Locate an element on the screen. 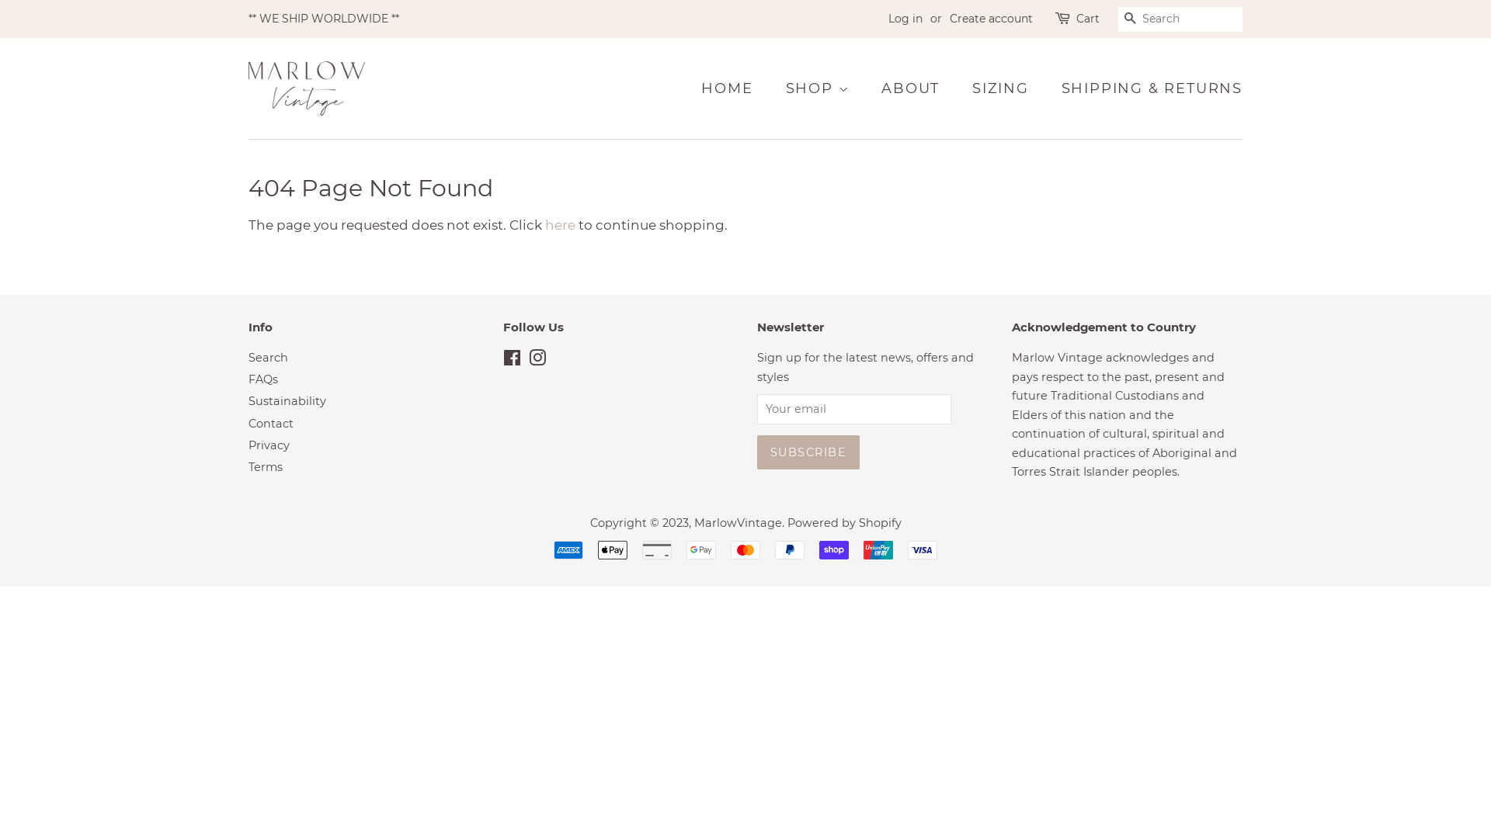 This screenshot has height=838, width=1491. 'Contact' is located at coordinates (271, 424).